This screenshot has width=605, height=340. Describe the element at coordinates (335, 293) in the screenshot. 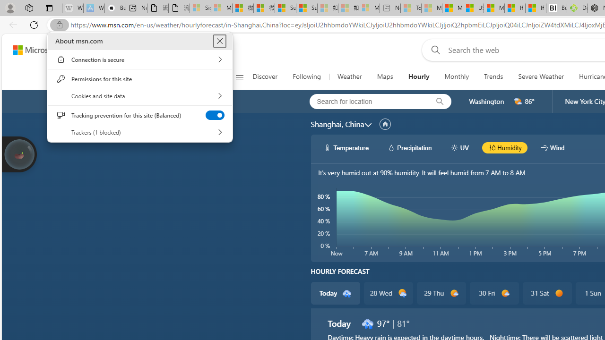

I see `'Today d4300'` at that location.